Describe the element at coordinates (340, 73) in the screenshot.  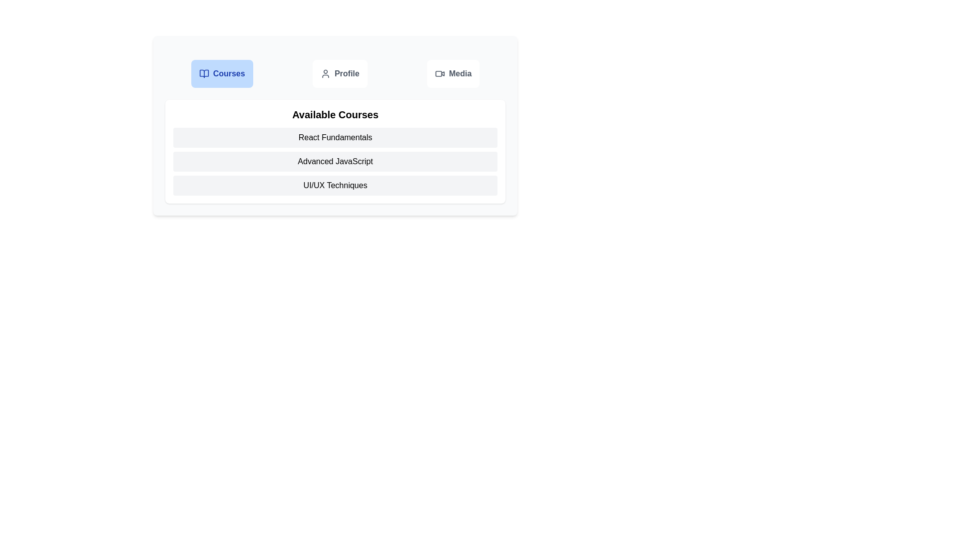
I see `the 'Profile' button, which has an icon of a person and is centrally located between the 'Courses' and 'Media' buttons in the horizontal menu` at that location.